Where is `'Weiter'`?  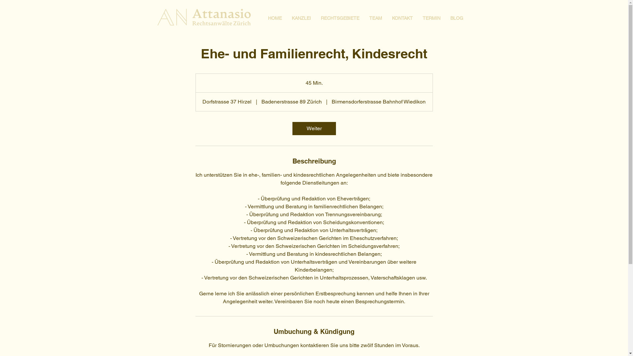
'Weiter' is located at coordinates (313, 128).